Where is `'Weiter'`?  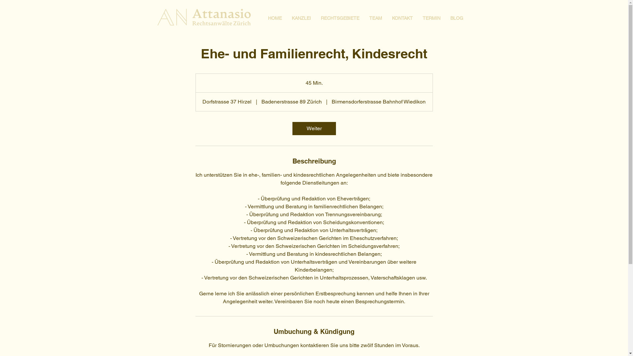
'Weiter' is located at coordinates (313, 128).